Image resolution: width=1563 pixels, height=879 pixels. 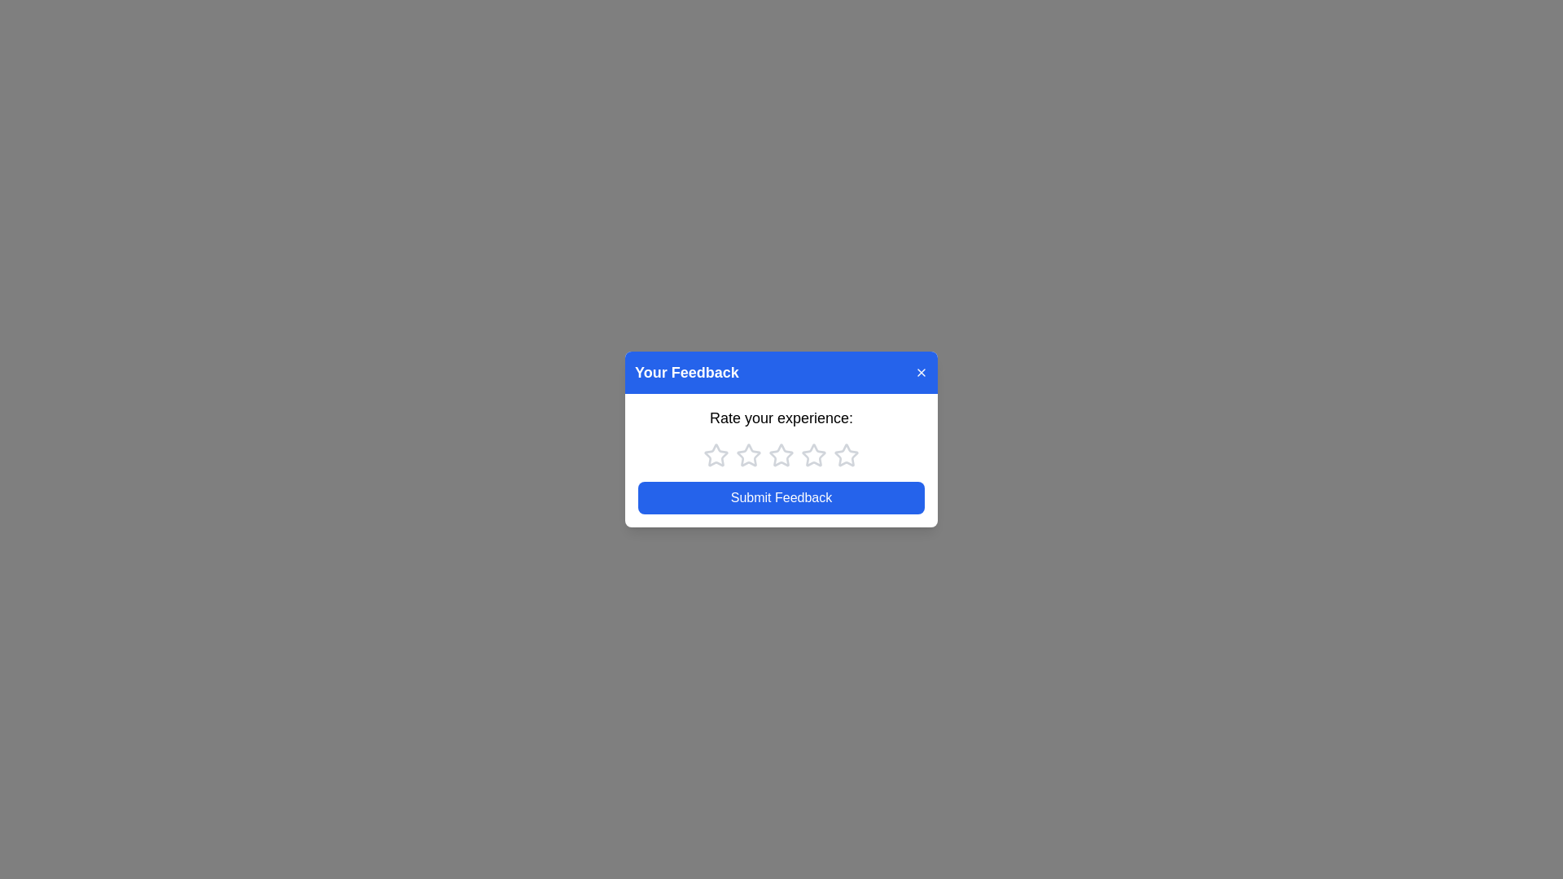 I want to click on the star corresponding to the rating 3, so click(x=781, y=455).